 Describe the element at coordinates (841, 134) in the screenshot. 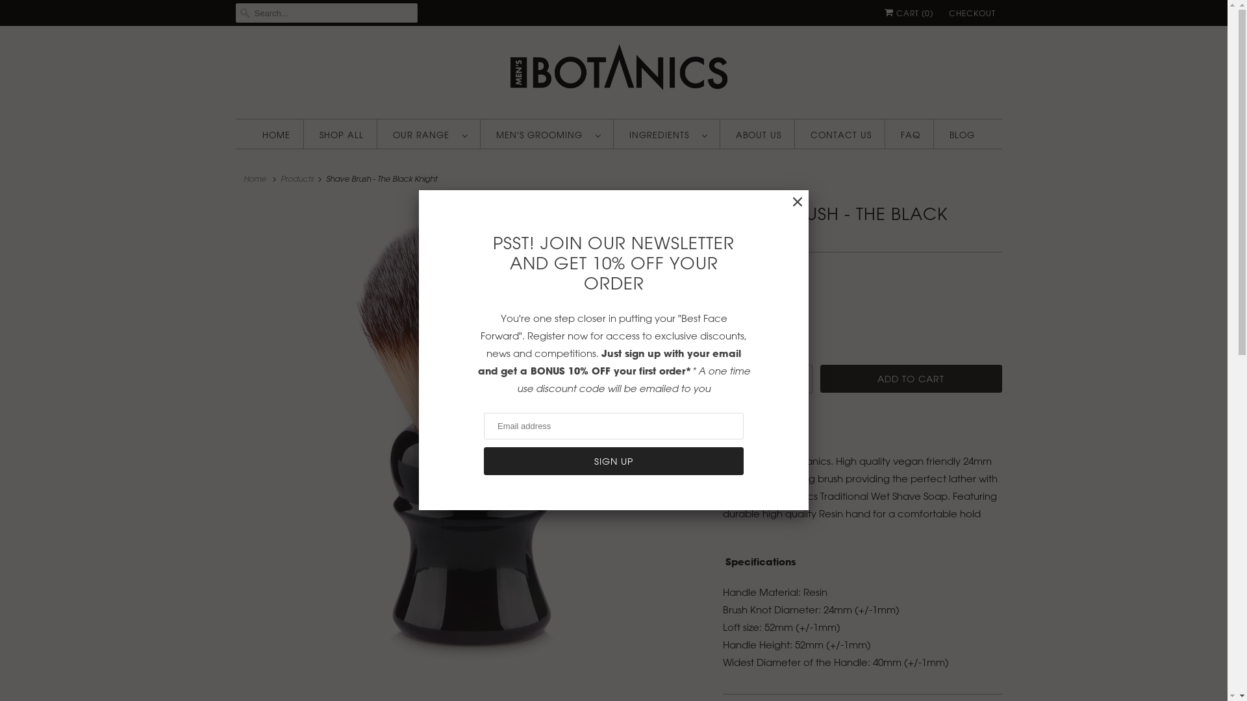

I see `'CONTACT US'` at that location.